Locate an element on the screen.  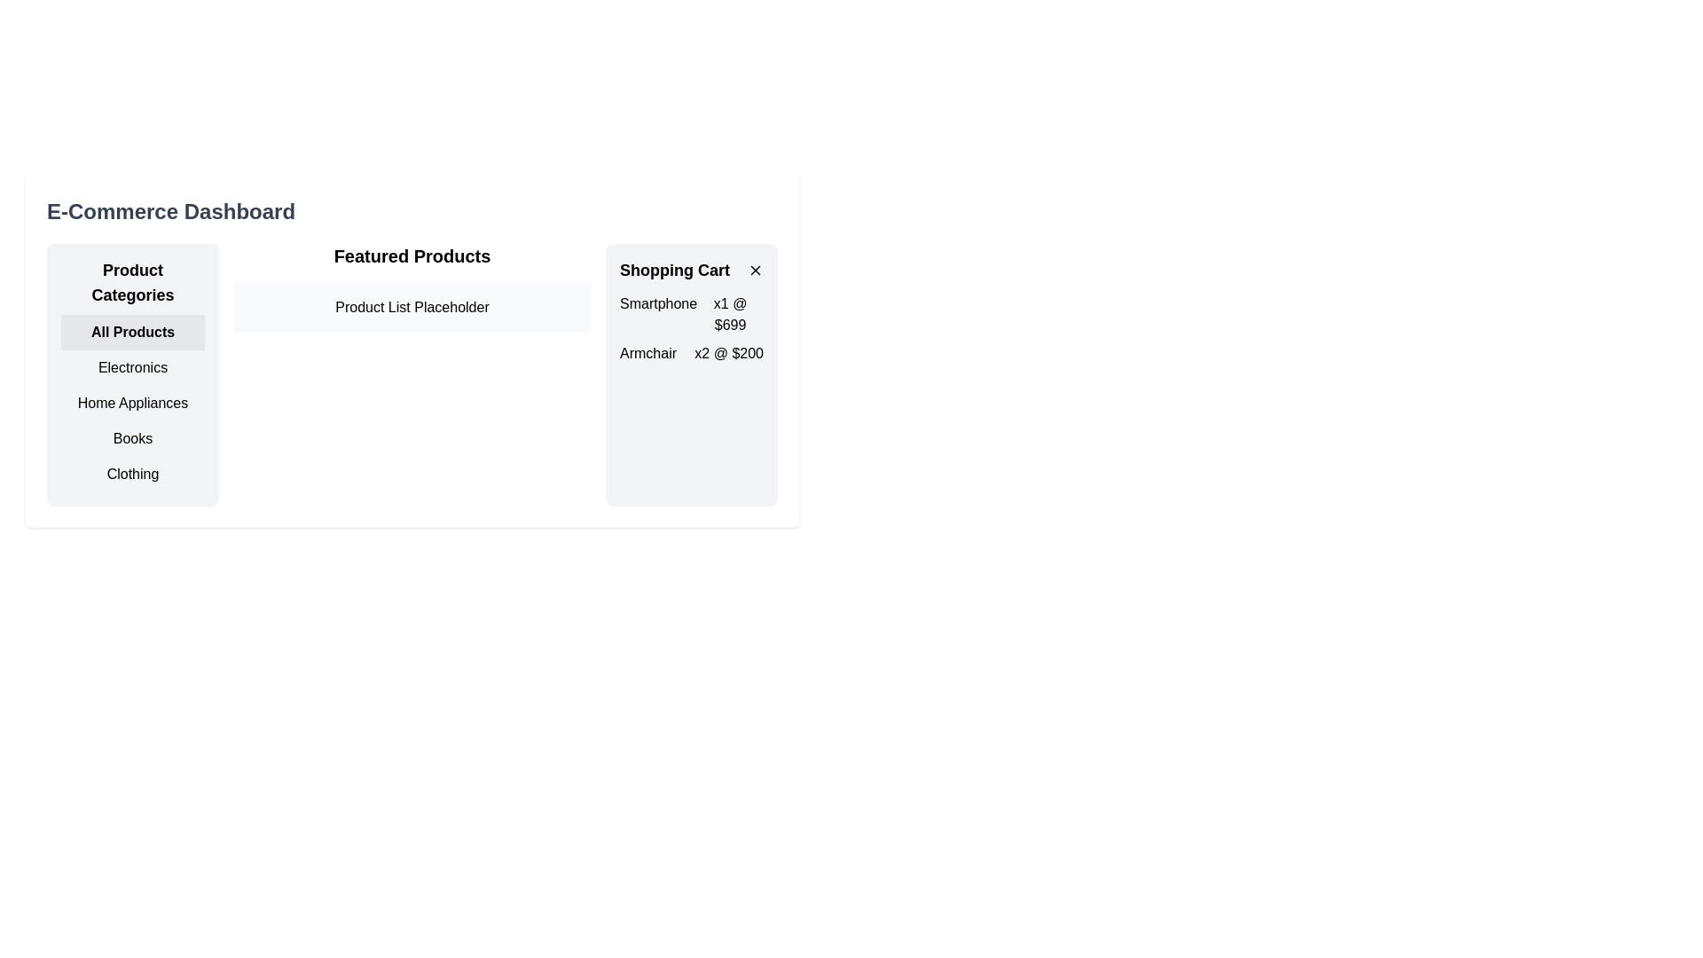
the 'Product List Placeholder' box, which has a light gray background and rounded edges, located in the 'Featured Products' section is located at coordinates (412, 307).